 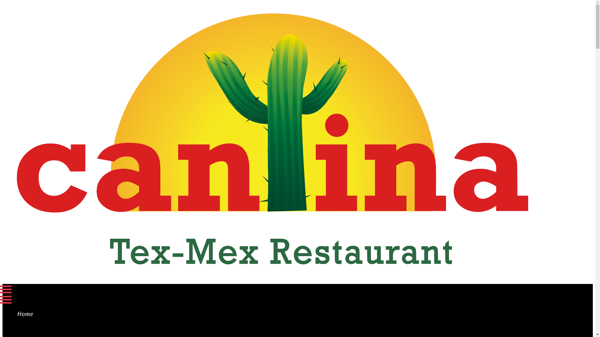 I want to click on 'Home', so click(x=25, y=314).